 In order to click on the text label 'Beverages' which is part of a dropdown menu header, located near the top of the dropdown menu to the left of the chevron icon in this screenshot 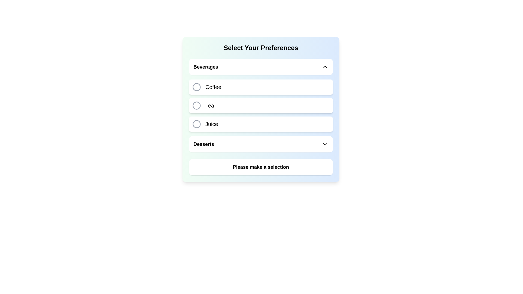, I will do `click(205, 67)`.